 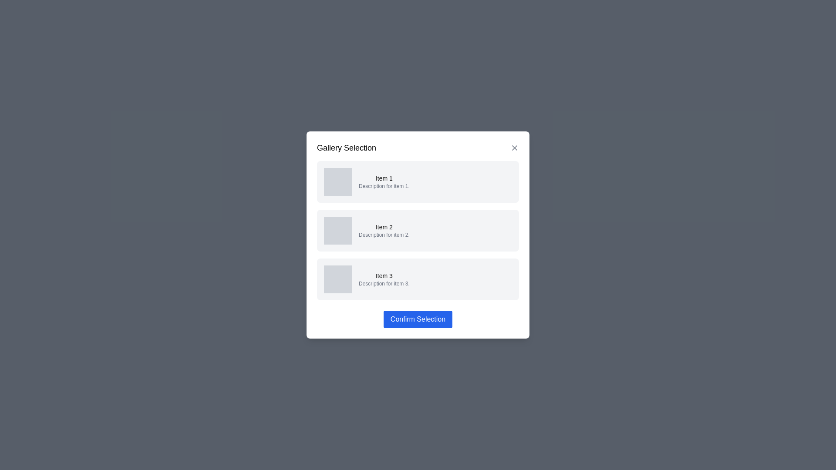 What do you see at coordinates (384, 186) in the screenshot?
I see `the text label reading 'Description for item 1.' located below the title 'Item 1' in the first entry of the vertical list` at bounding box center [384, 186].